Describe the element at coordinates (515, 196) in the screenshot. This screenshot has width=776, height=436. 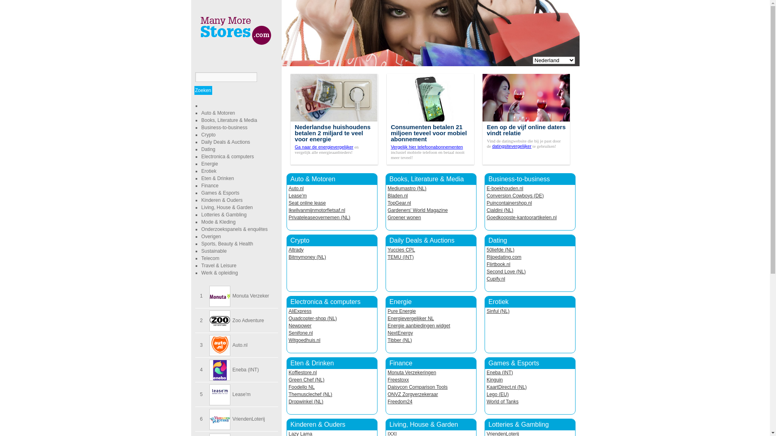
I see `'Conversion Cowboys (DE)'` at that location.